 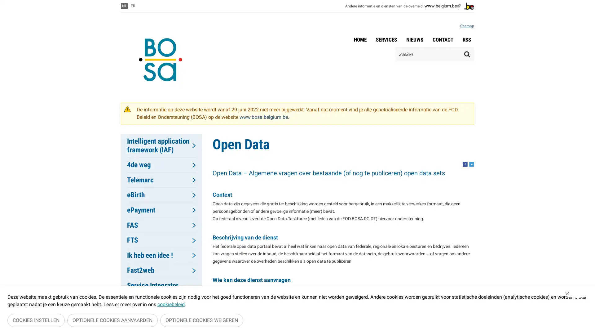 I want to click on OPTIONELE COOKIES WEIGEREN, so click(x=202, y=321).